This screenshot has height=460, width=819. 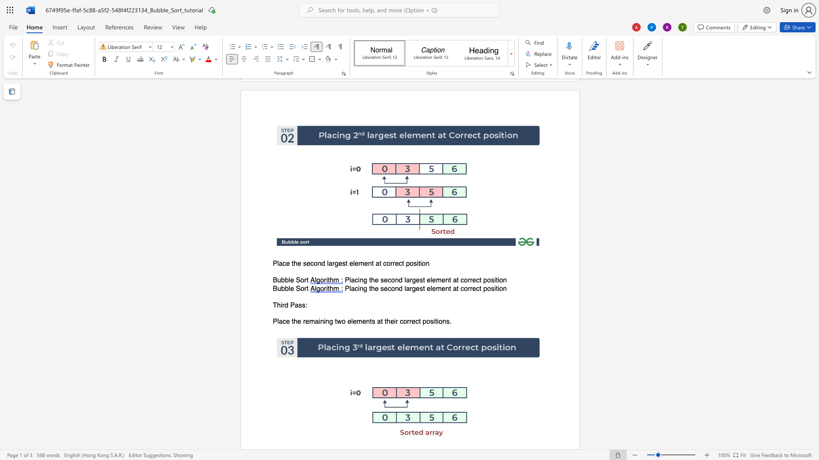 I want to click on the 1th character "e" in the text, so click(x=288, y=263).